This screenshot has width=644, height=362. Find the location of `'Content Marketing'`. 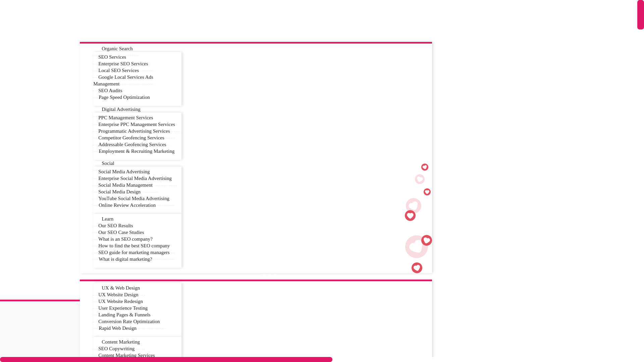

'Content Marketing' is located at coordinates (119, 342).